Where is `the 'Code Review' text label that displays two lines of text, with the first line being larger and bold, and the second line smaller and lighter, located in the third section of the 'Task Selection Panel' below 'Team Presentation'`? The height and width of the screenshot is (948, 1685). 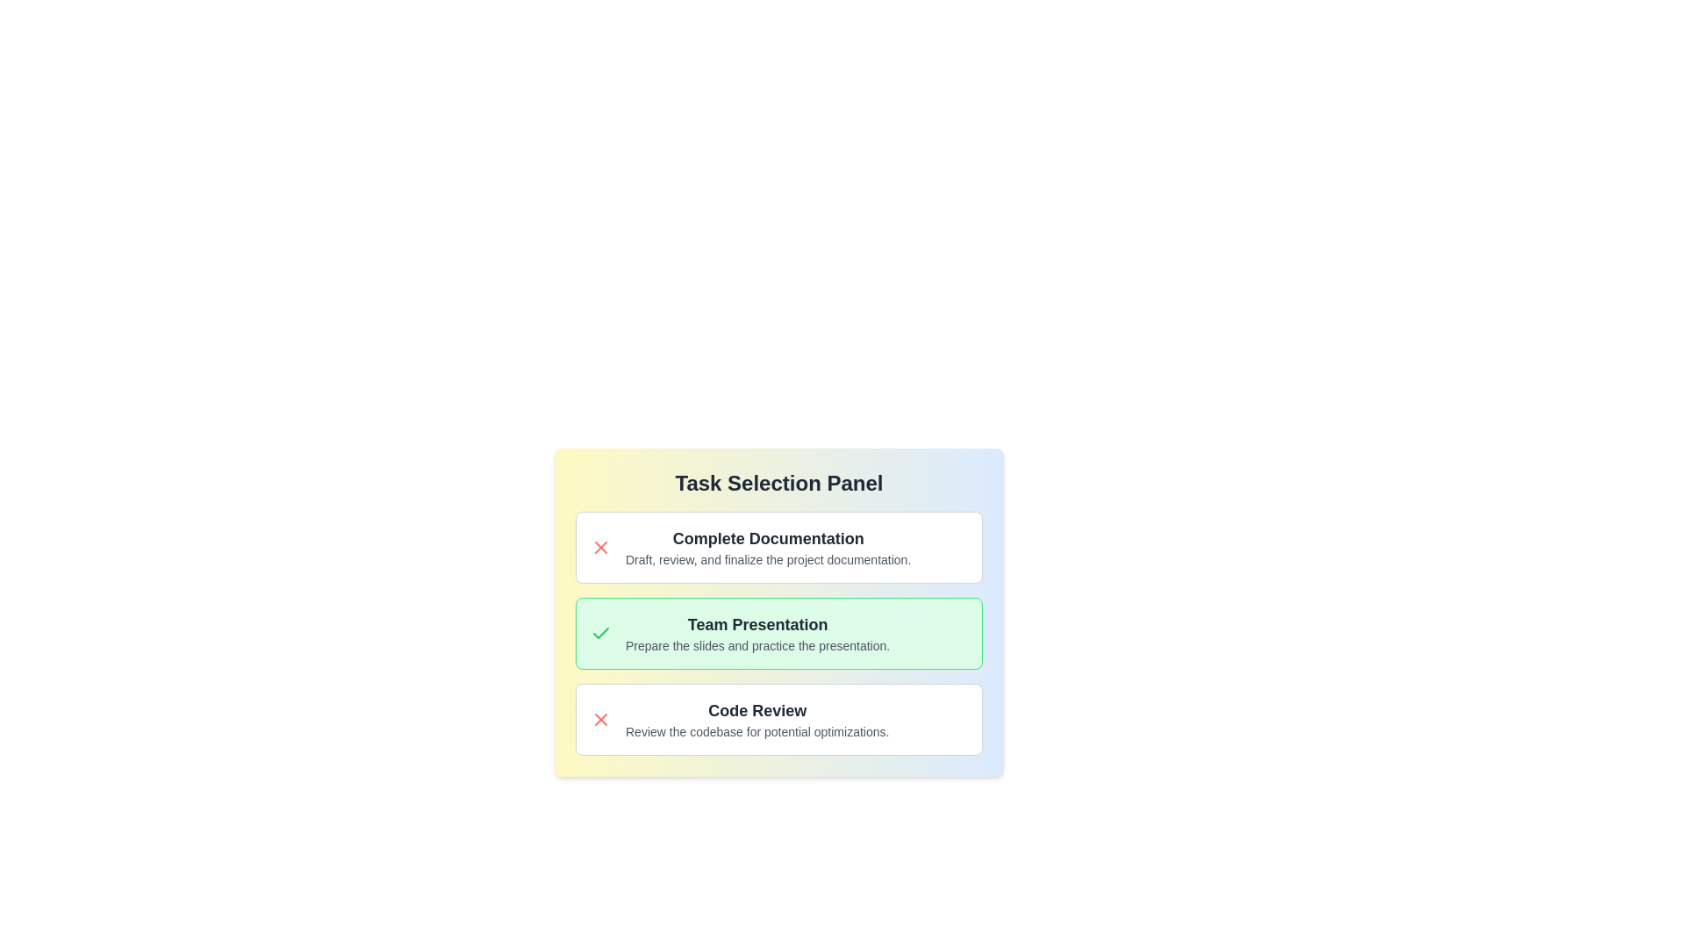
the 'Code Review' text label that displays two lines of text, with the first line being larger and bold, and the second line smaller and lighter, located in the third section of the 'Task Selection Panel' below 'Team Presentation' is located at coordinates (757, 720).